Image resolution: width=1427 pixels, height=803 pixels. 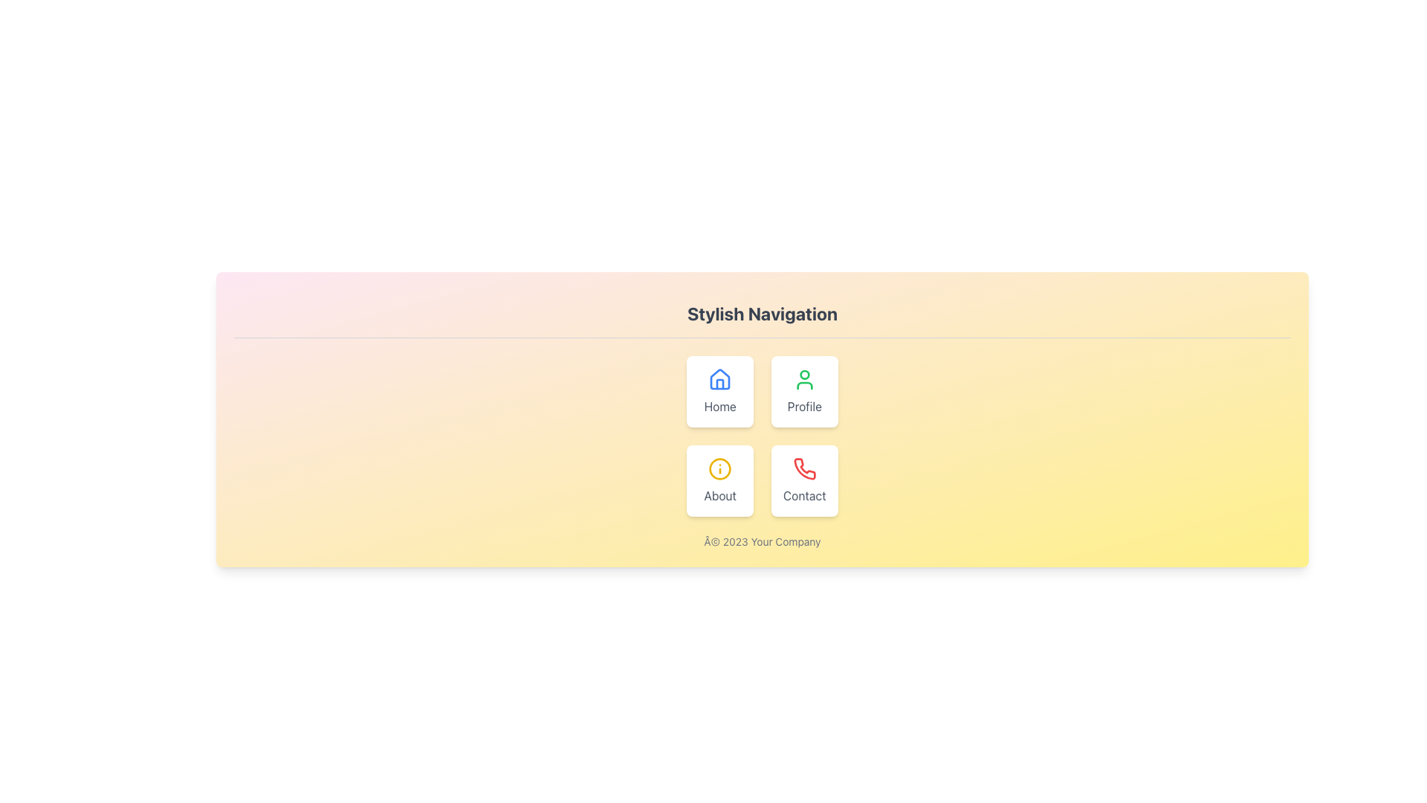 I want to click on the text label displaying 'Home', which is styled with gray color and positioned beneath a blue house icon within a white rectangular card, so click(x=720, y=407).